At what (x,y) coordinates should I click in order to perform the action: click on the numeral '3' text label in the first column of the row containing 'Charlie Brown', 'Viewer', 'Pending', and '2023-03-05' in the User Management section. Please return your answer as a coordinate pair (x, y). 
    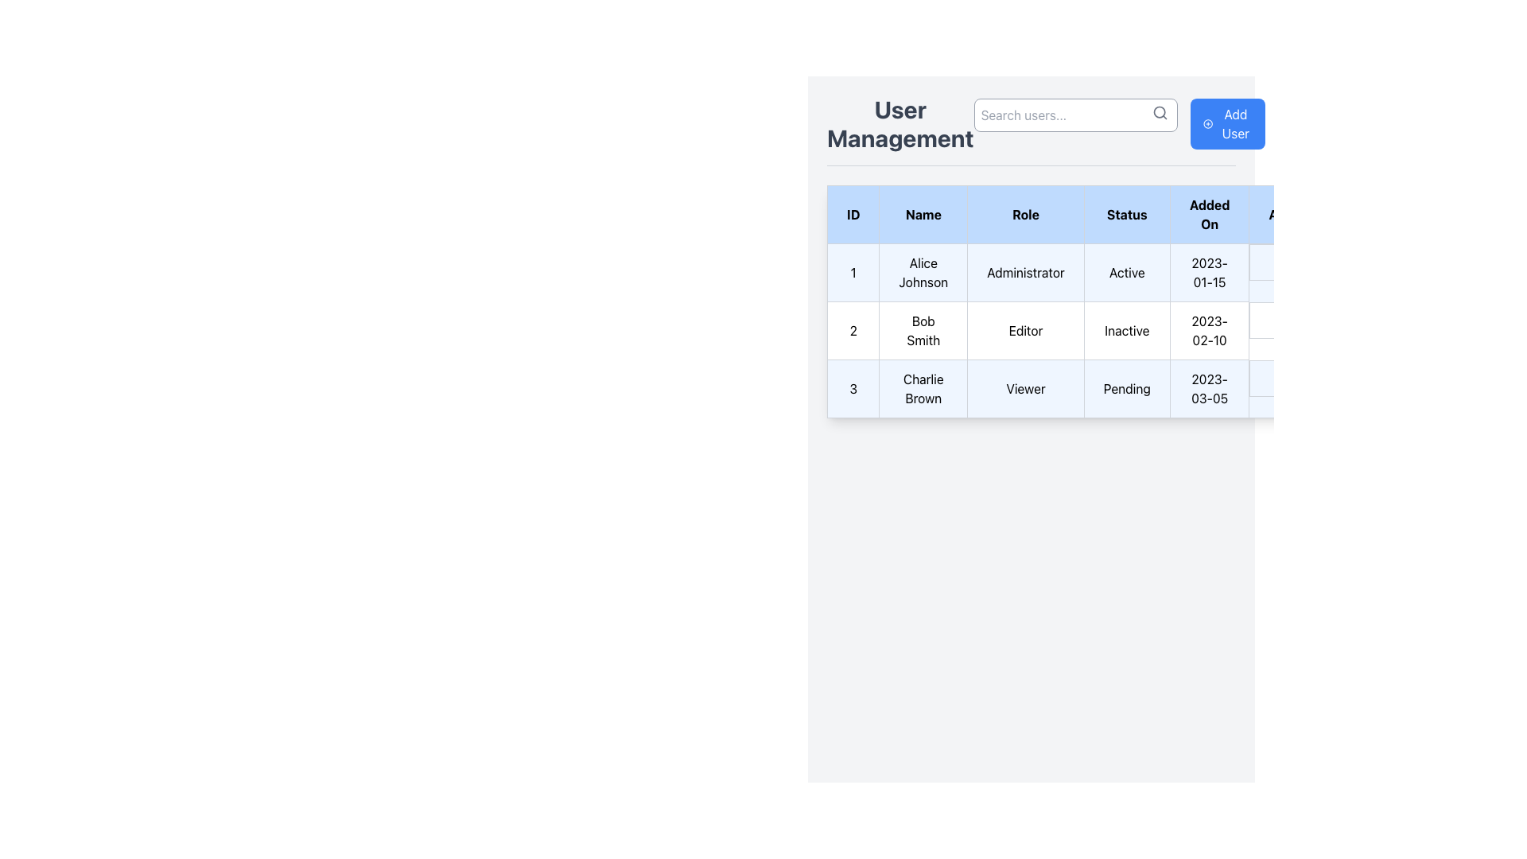
    Looking at the image, I should click on (853, 389).